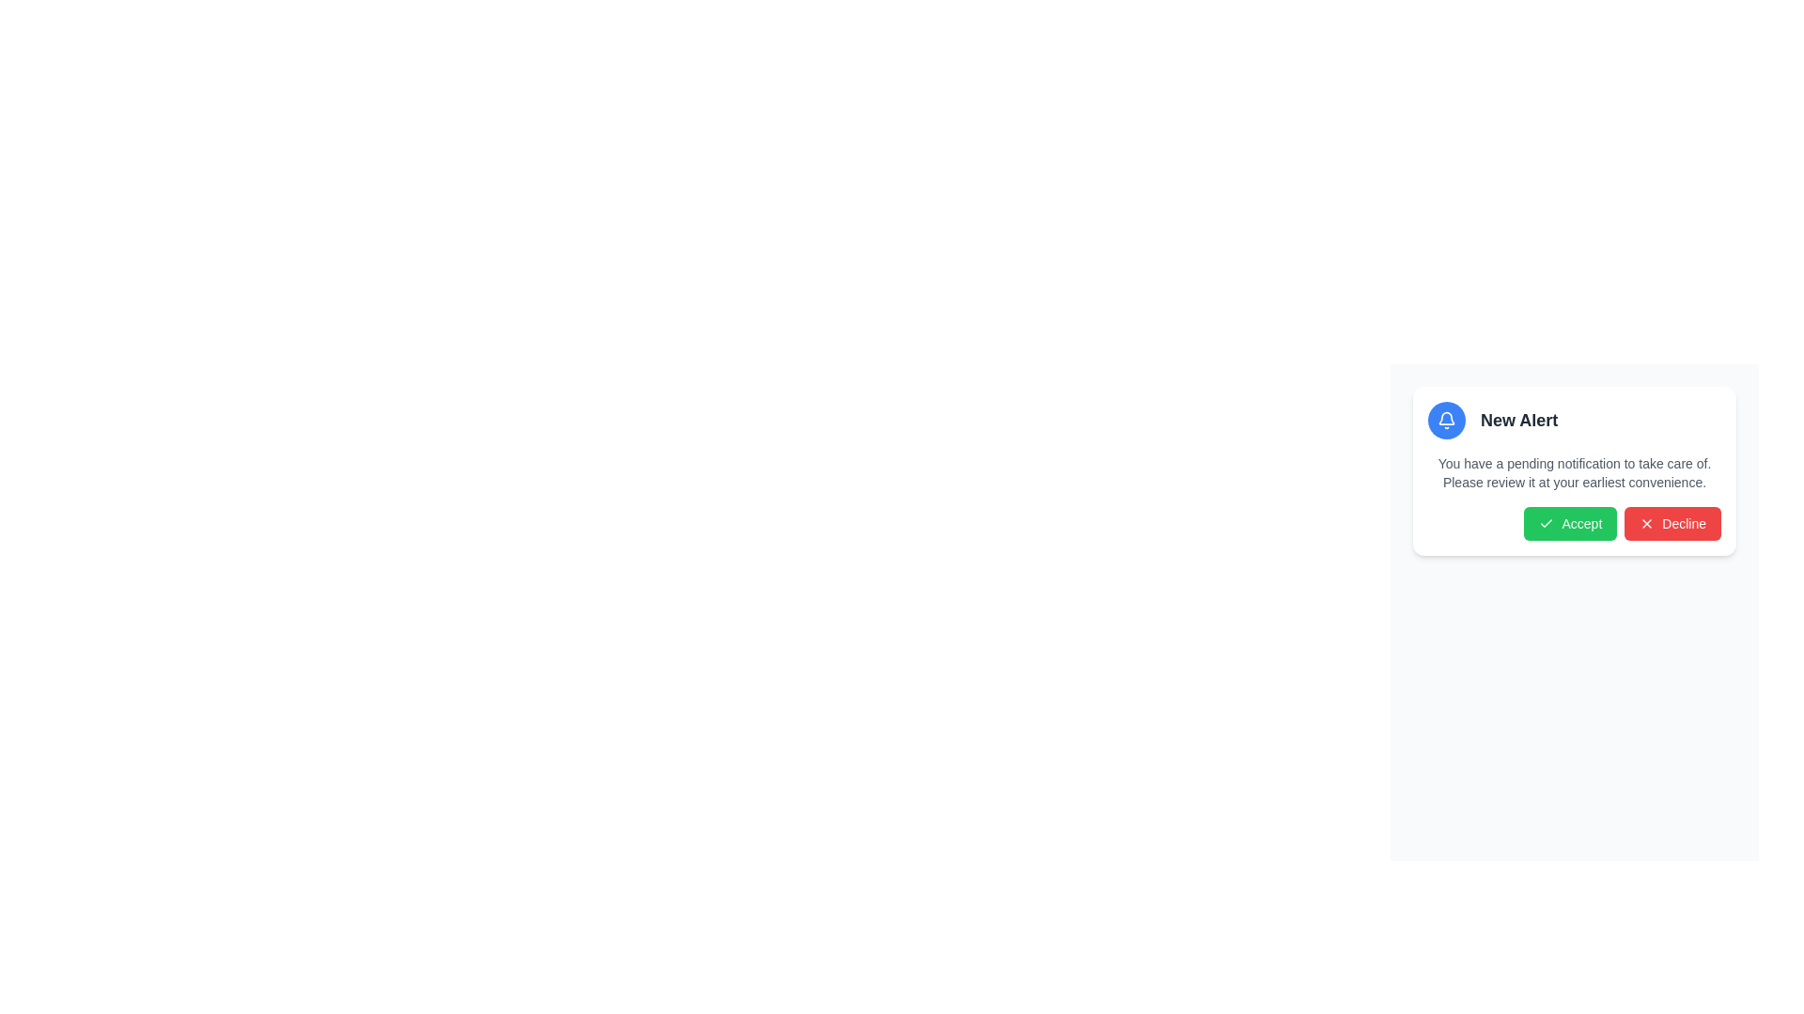 This screenshot has width=1804, height=1014. I want to click on the icon within the 'Decline' button, which visually indicates the button's function and is positioned to the left of the text label 'Decline', so click(1646, 524).